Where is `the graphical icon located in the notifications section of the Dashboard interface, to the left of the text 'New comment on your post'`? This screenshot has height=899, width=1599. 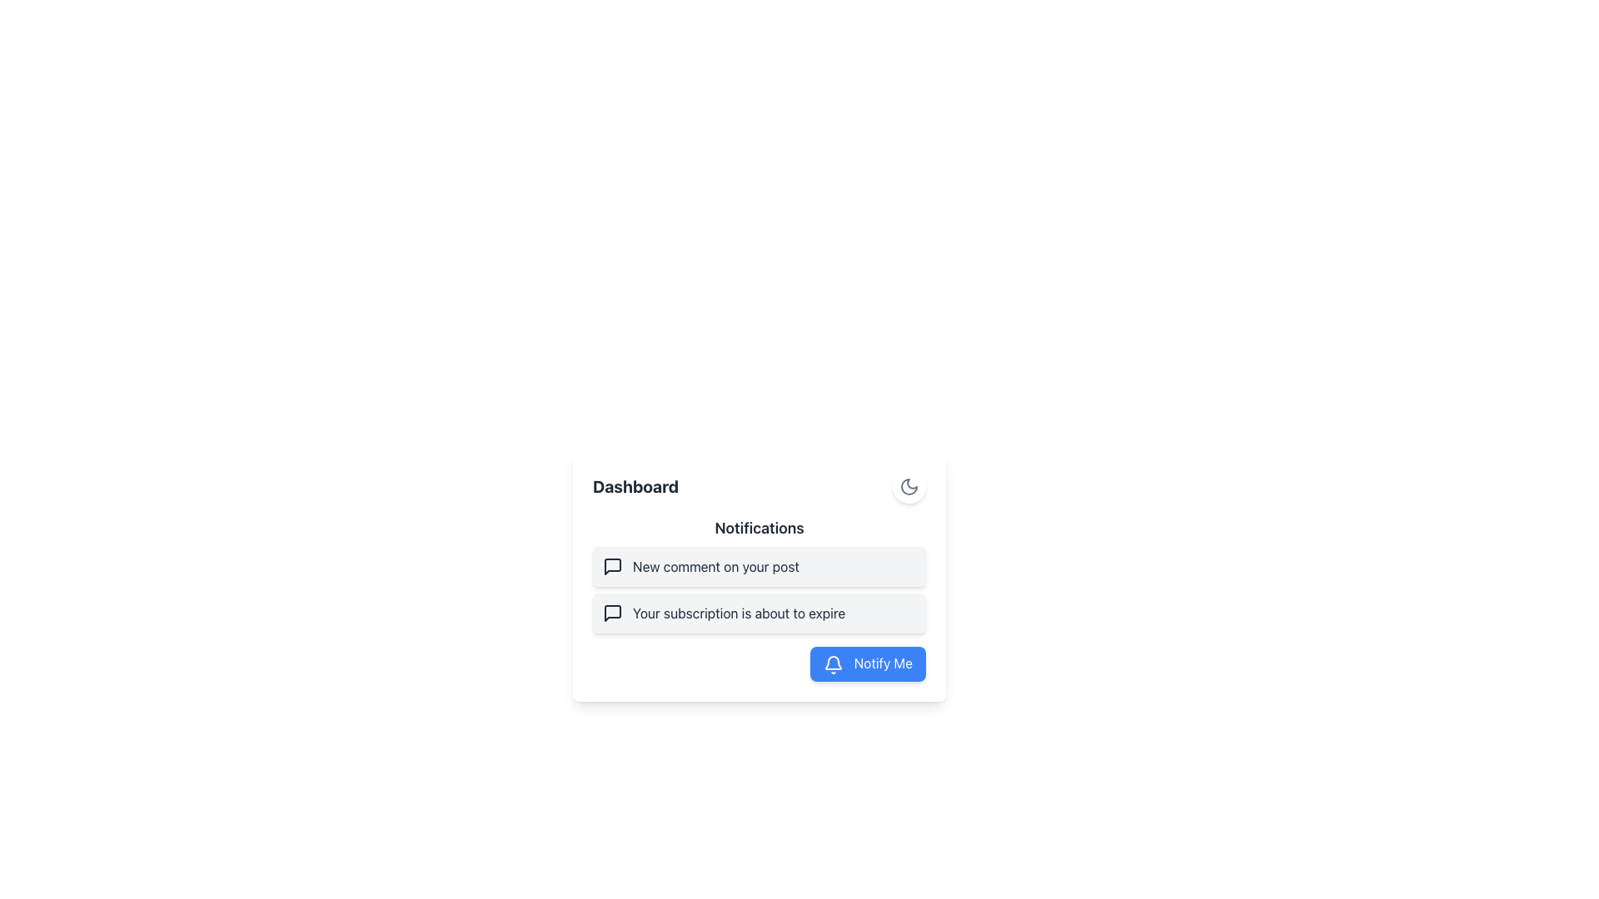 the graphical icon located in the notifications section of the Dashboard interface, to the left of the text 'New comment on your post' is located at coordinates (611, 566).